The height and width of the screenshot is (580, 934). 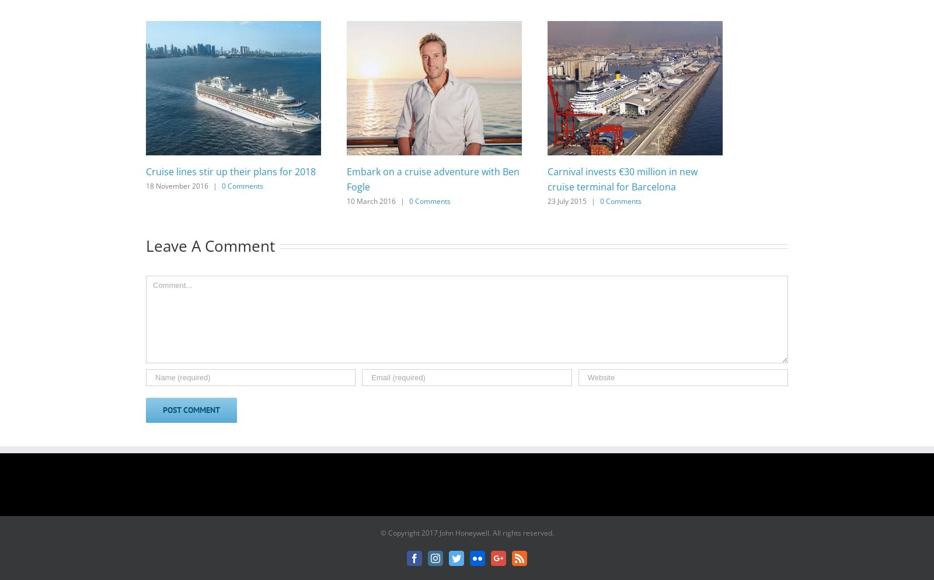 What do you see at coordinates (466, 533) in the screenshot?
I see `'© Copyright 2017 John Honeywell. All rights reserved.'` at bounding box center [466, 533].